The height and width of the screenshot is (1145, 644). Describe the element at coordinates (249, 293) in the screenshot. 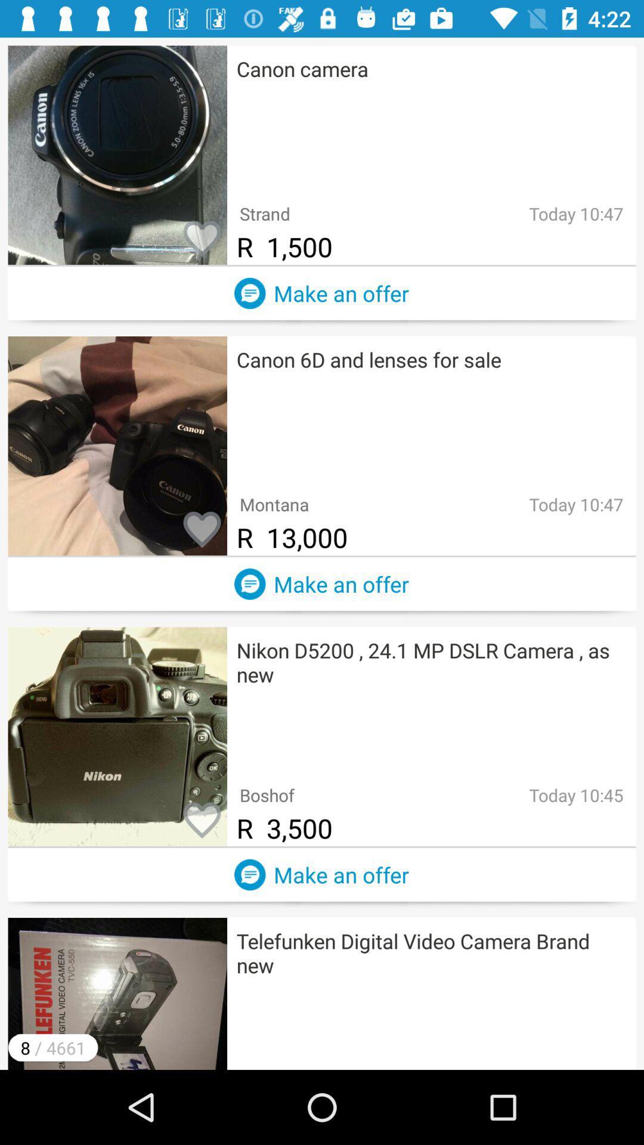

I see `a comment` at that location.